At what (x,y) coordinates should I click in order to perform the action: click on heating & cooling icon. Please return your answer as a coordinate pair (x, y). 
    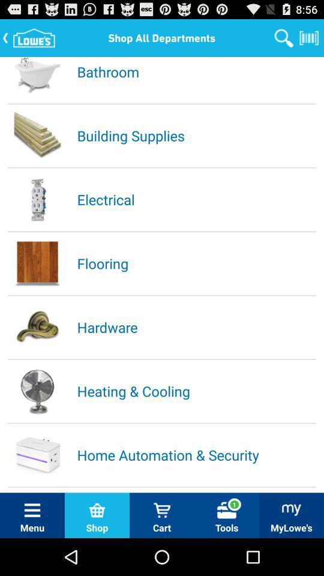
    Looking at the image, I should click on (196, 390).